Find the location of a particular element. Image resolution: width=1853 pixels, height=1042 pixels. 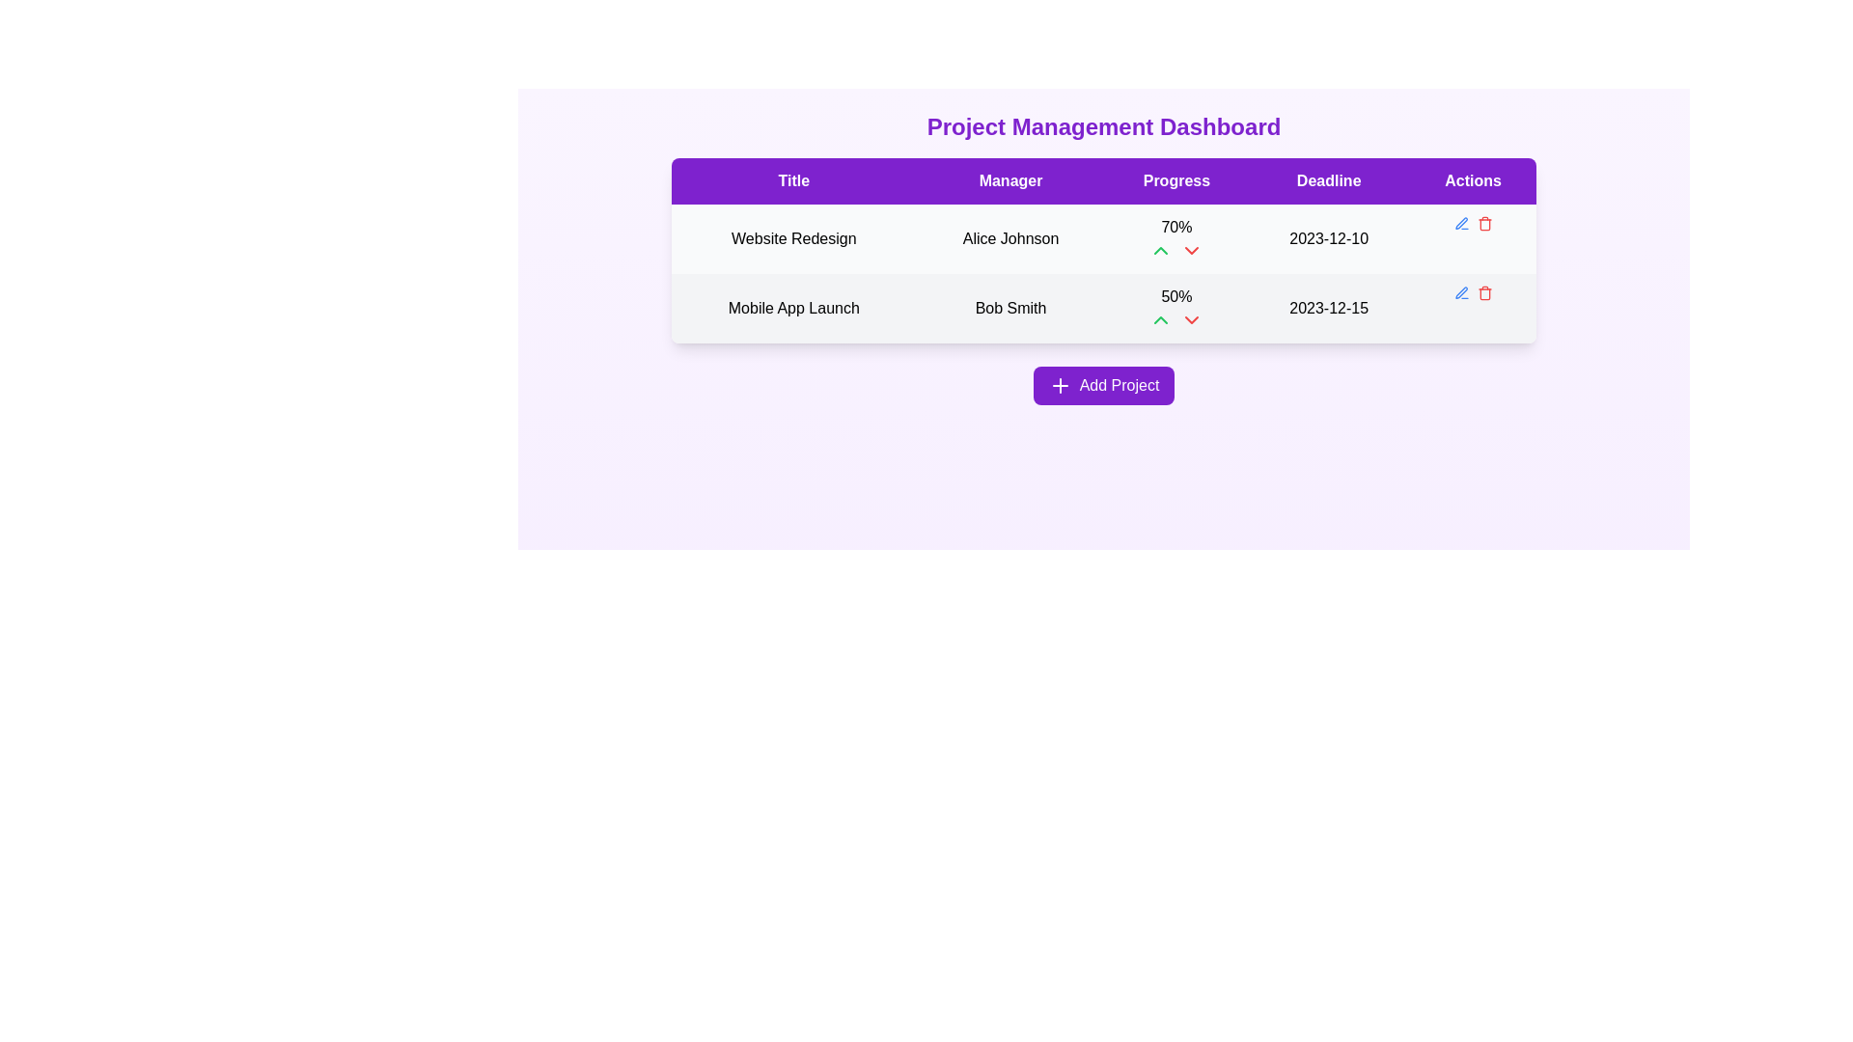

the text display element that shows the deadline date for a project, located in the fourth cell of the table under the 'Deadline' column is located at coordinates (1328, 237).